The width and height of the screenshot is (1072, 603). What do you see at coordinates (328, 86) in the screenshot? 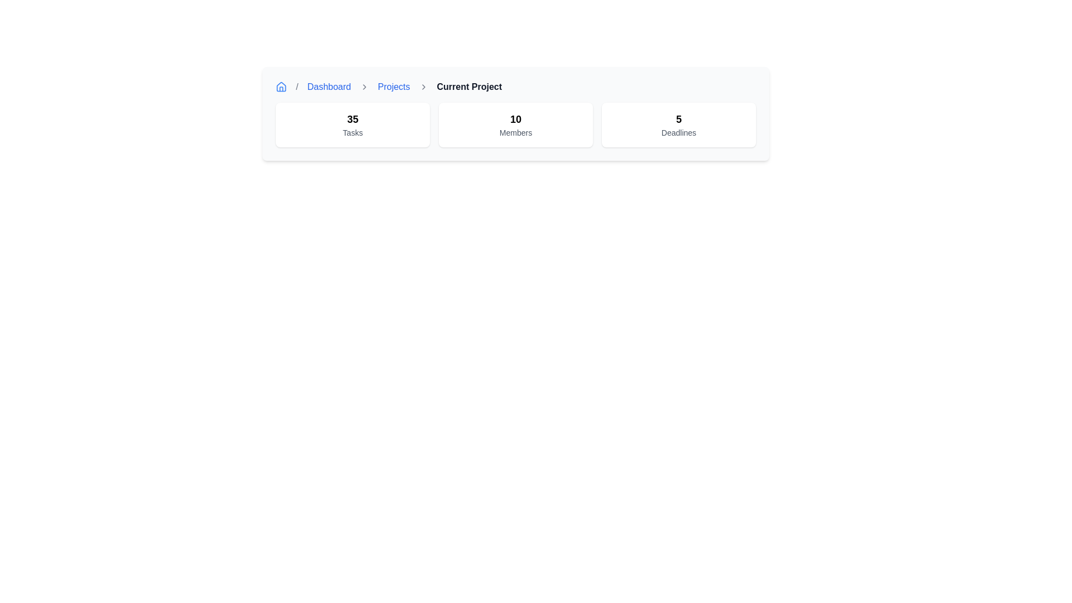
I see `the Interactive hyperlink element located in the breadcrumb navigation` at bounding box center [328, 86].